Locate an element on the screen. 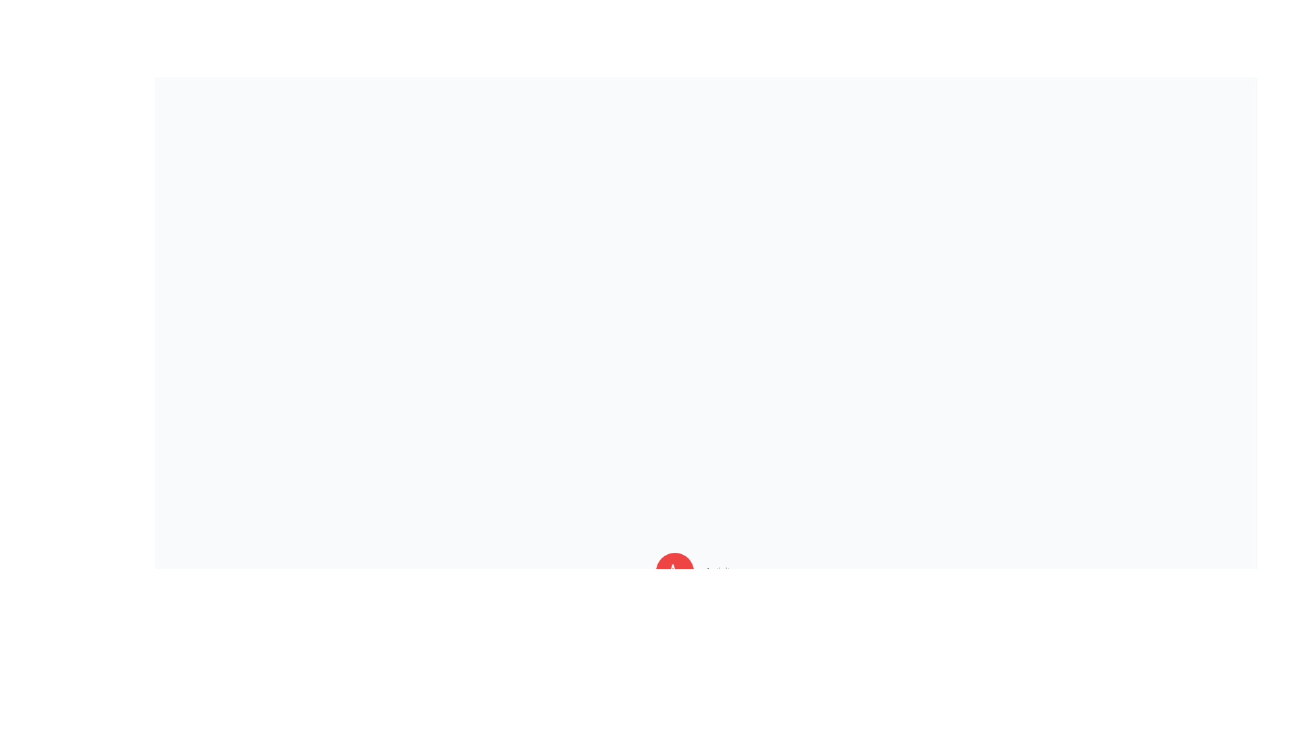  the Camera button in the AdvancedSpeedDial component is located at coordinates (675, 669).